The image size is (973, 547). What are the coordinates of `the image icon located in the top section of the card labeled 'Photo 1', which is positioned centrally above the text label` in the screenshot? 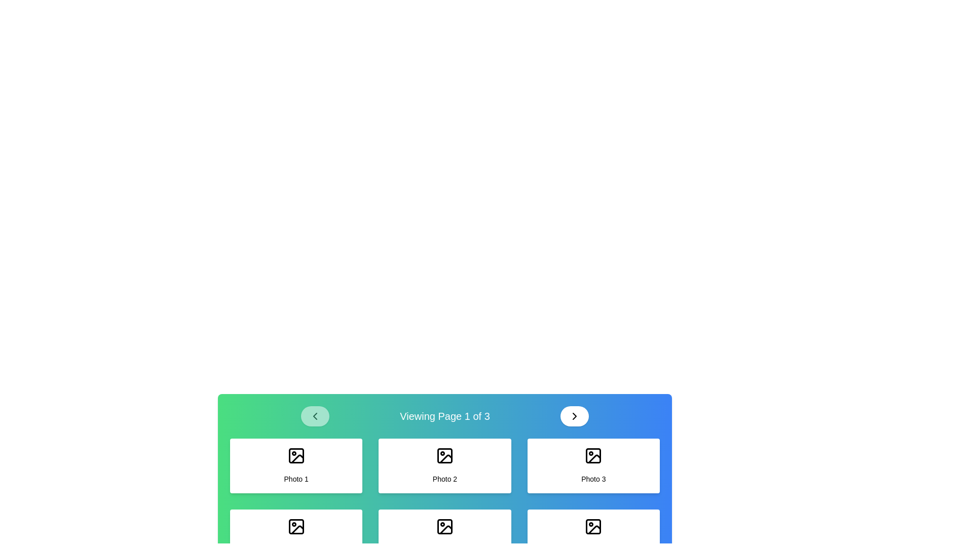 It's located at (295, 455).